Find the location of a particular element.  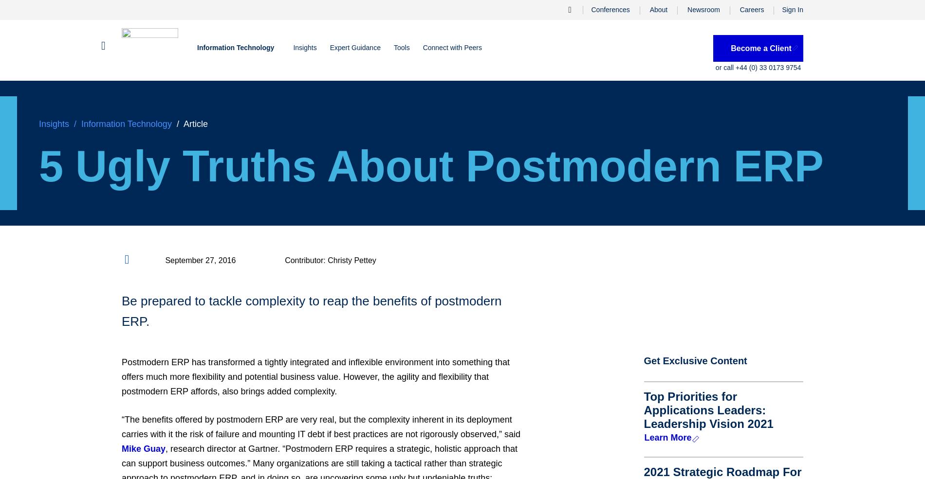

'September 27, 2016' is located at coordinates (200, 260).